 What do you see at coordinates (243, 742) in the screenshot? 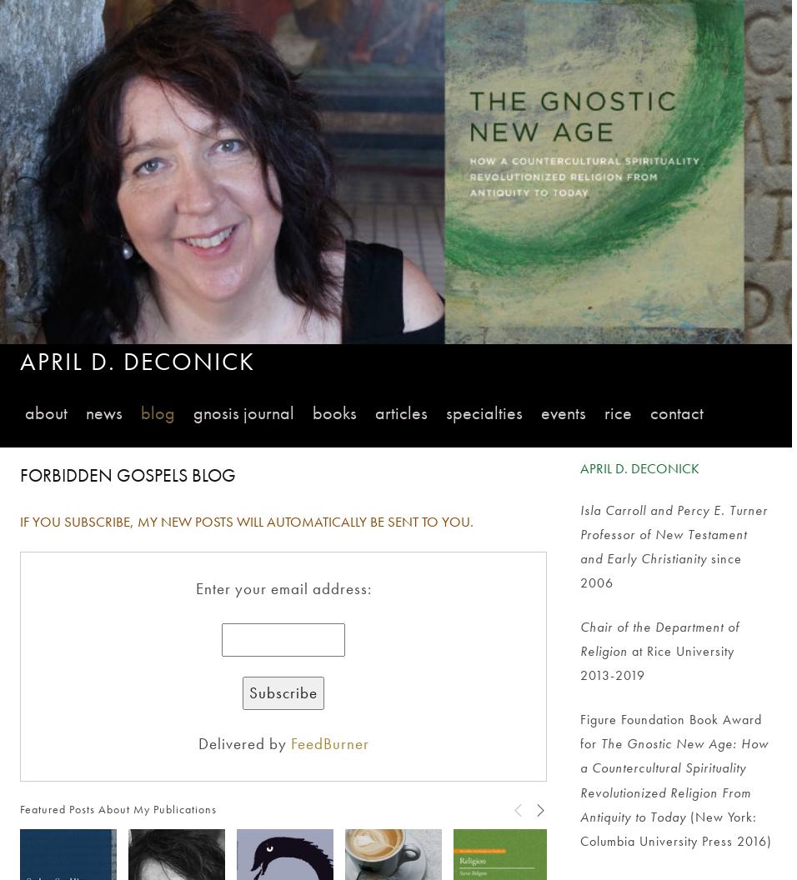
I see `'Delivered by'` at bounding box center [243, 742].